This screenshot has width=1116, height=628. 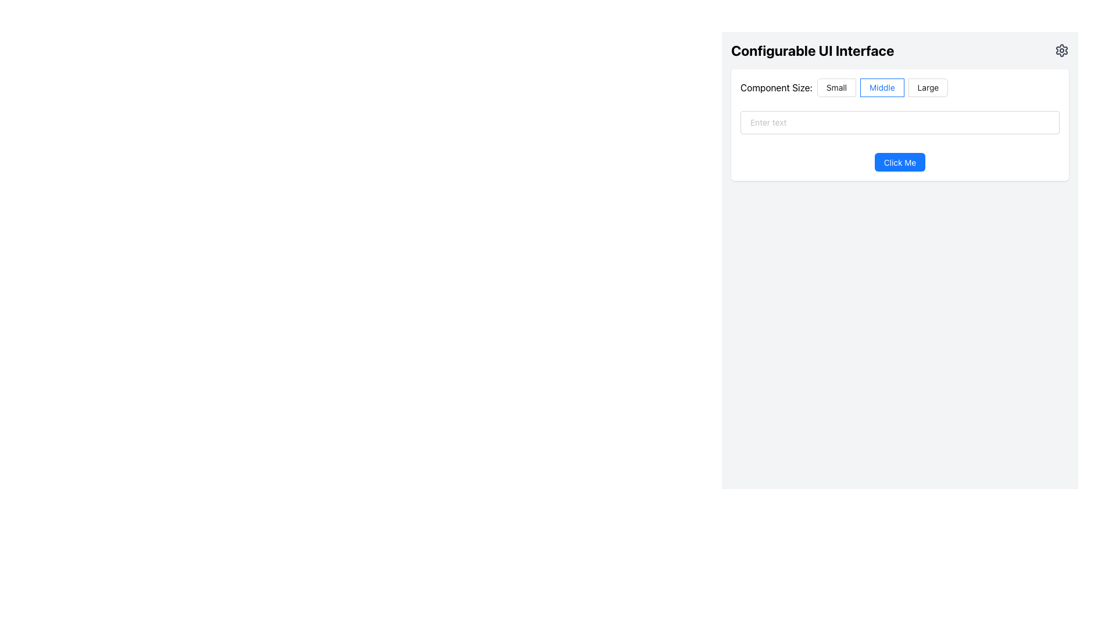 What do you see at coordinates (836, 87) in the screenshot?
I see `the radio button labeled 'Small'` at bounding box center [836, 87].